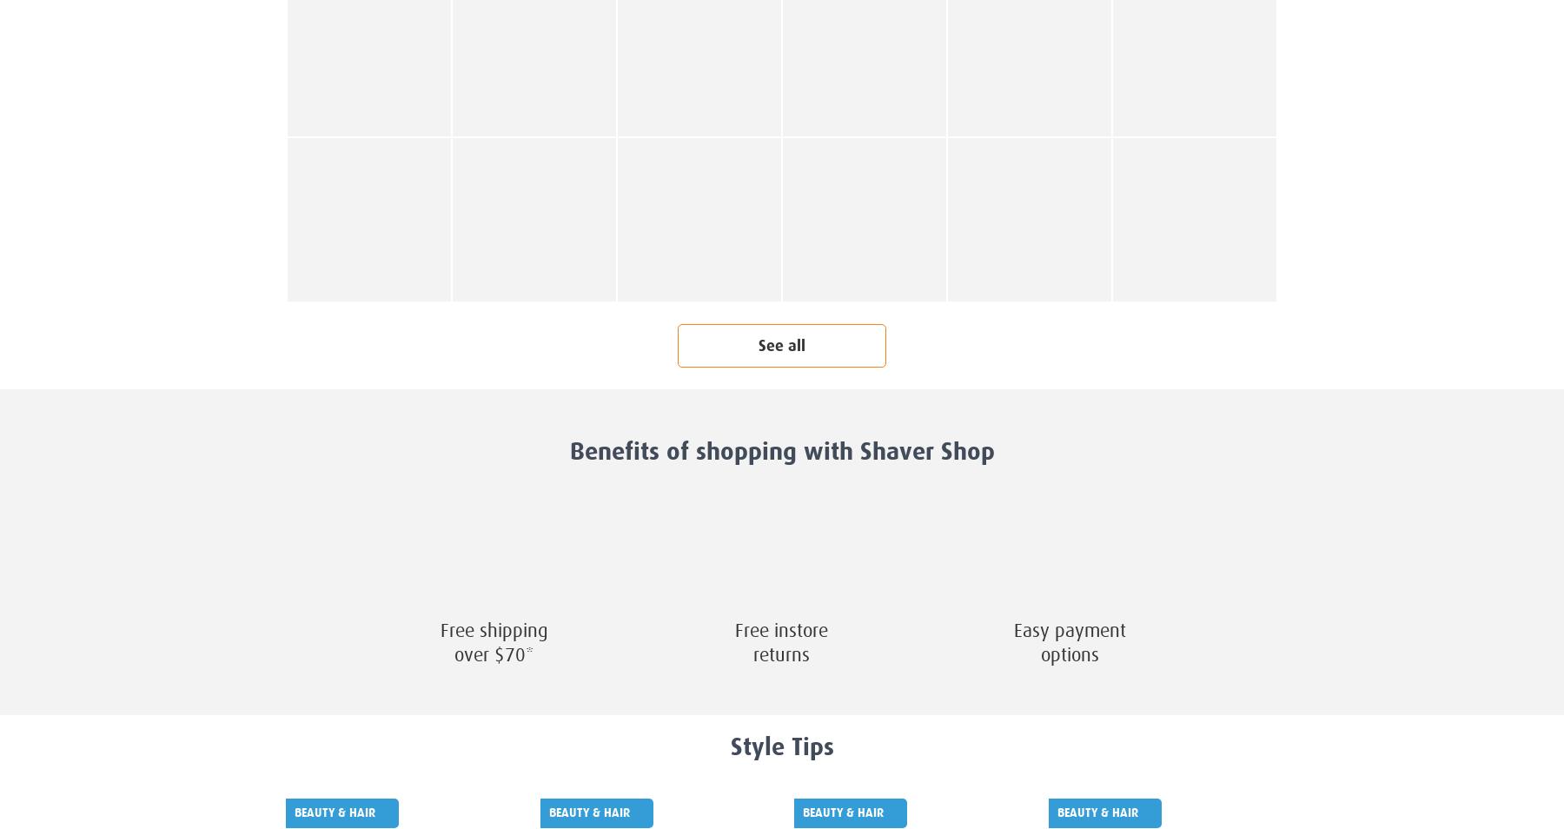  I want to click on 'See all', so click(782, 346).